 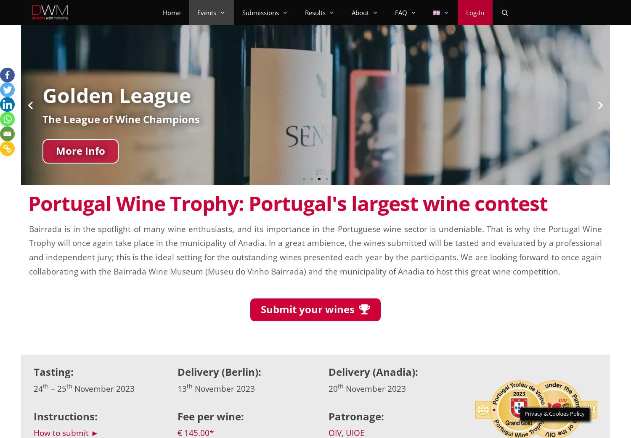 What do you see at coordinates (328, 388) in the screenshot?
I see `'20'` at bounding box center [328, 388].